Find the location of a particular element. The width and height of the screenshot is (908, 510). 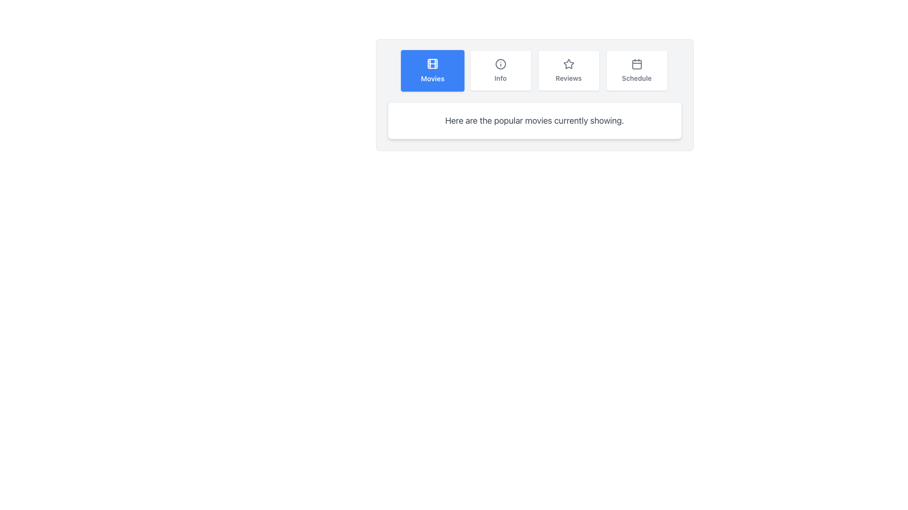

the 'Schedule' button, which is a rectangular interactive button with a white background and a calendar icon is located at coordinates (637, 70).